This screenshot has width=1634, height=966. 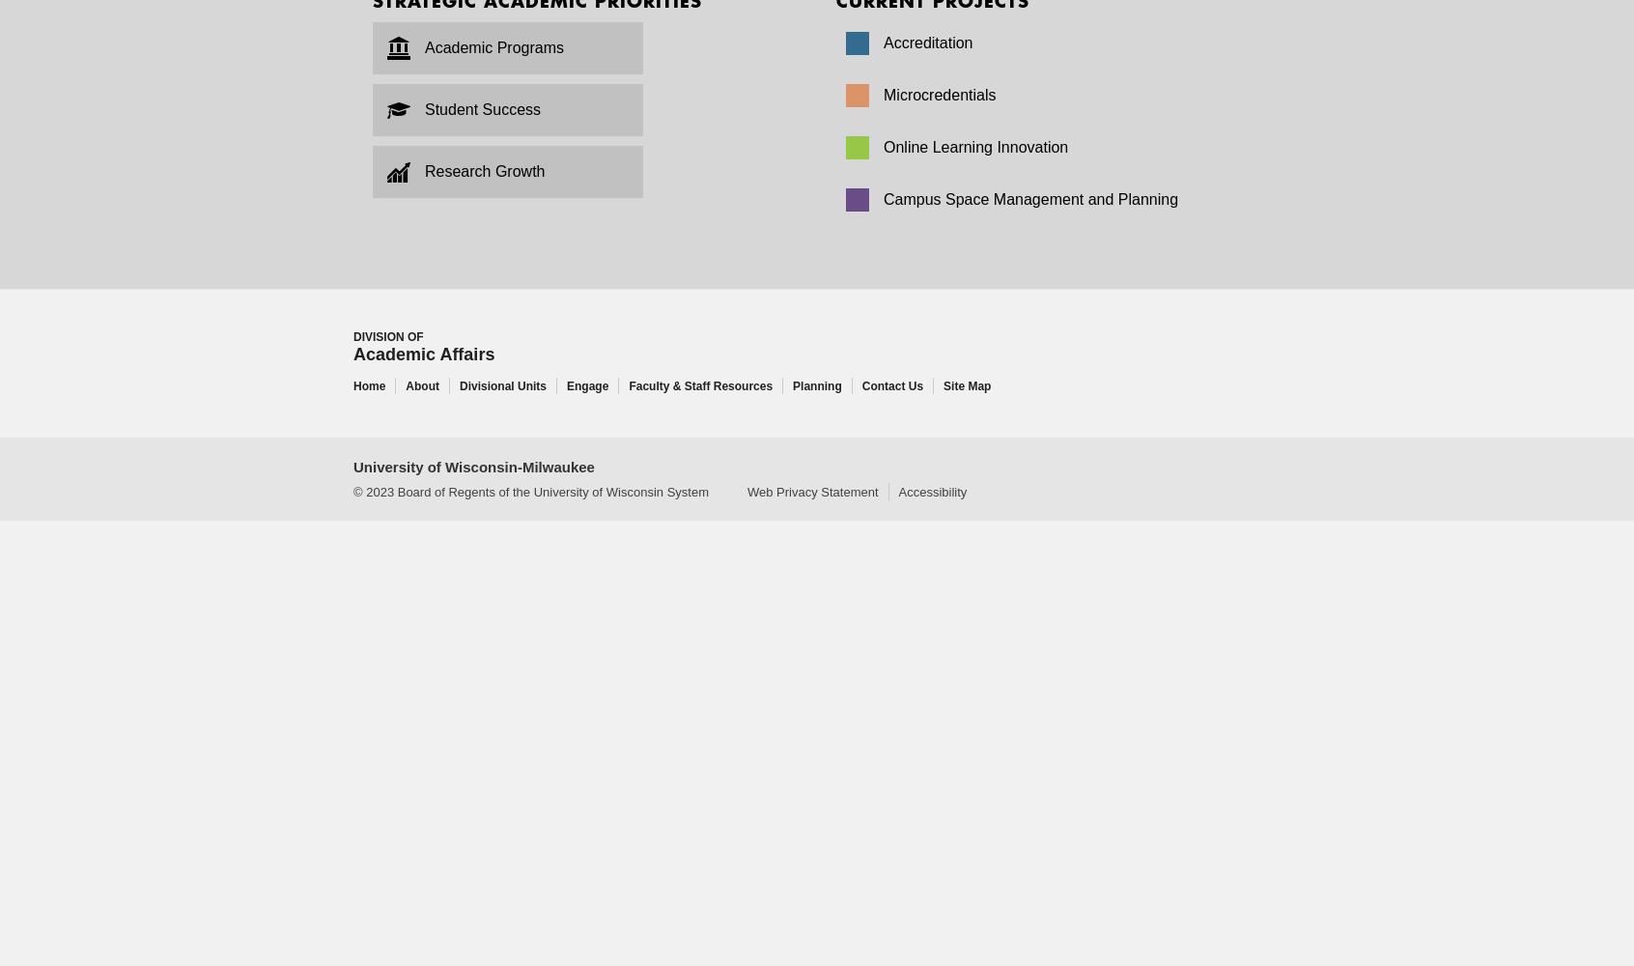 I want to click on 'Faculty & Staff Resources', so click(x=699, y=386).